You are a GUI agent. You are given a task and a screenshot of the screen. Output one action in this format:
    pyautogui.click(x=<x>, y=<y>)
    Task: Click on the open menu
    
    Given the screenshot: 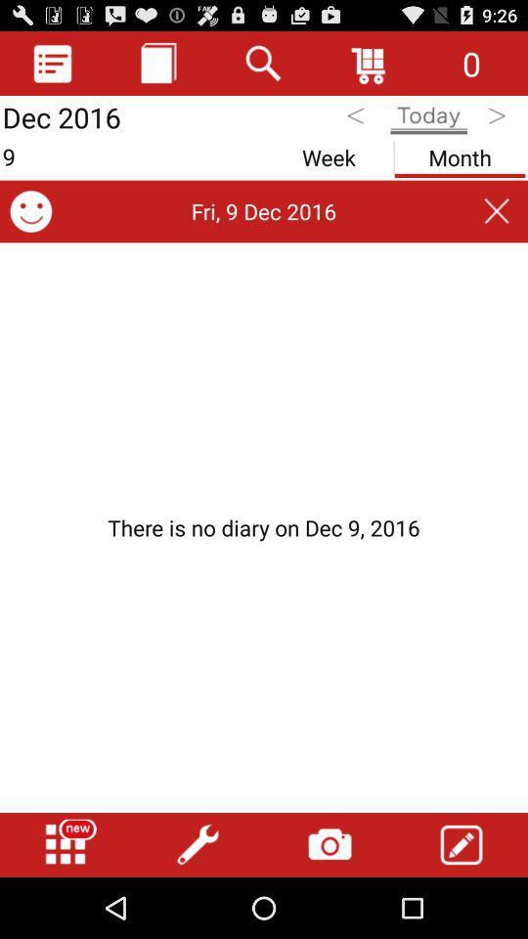 What is the action you would take?
    pyautogui.click(x=66, y=844)
    